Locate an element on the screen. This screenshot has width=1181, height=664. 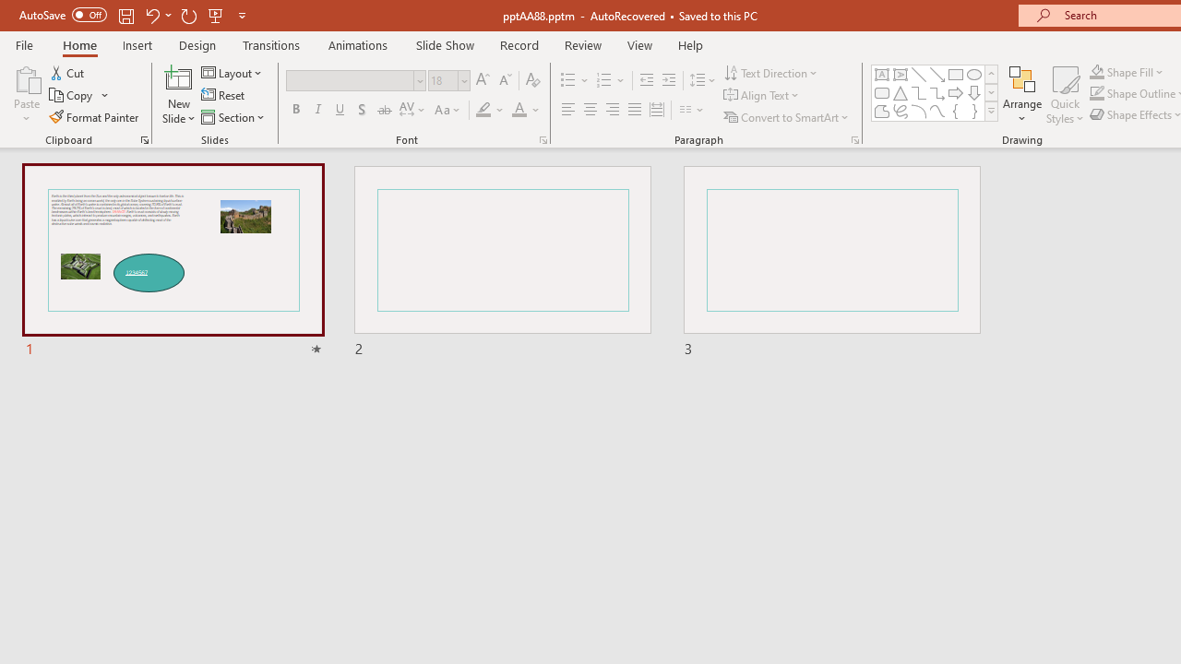
'Decrease Indent' is located at coordinates (646, 79).